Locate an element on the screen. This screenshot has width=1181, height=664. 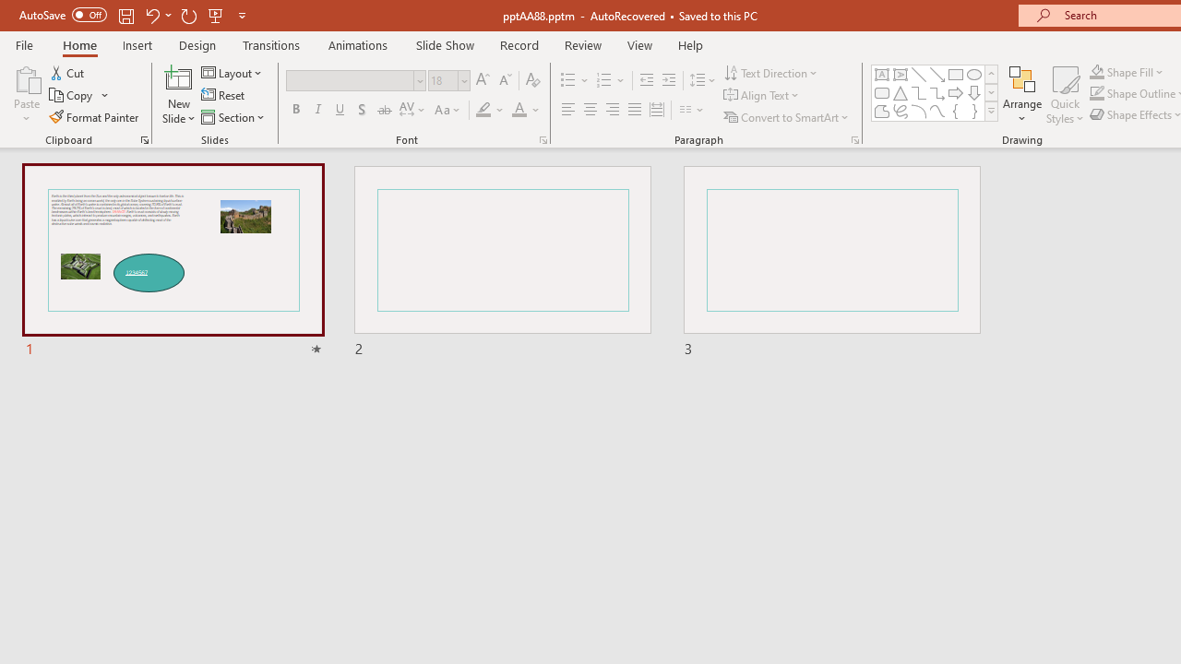
'Decrease Indent' is located at coordinates (646, 79).